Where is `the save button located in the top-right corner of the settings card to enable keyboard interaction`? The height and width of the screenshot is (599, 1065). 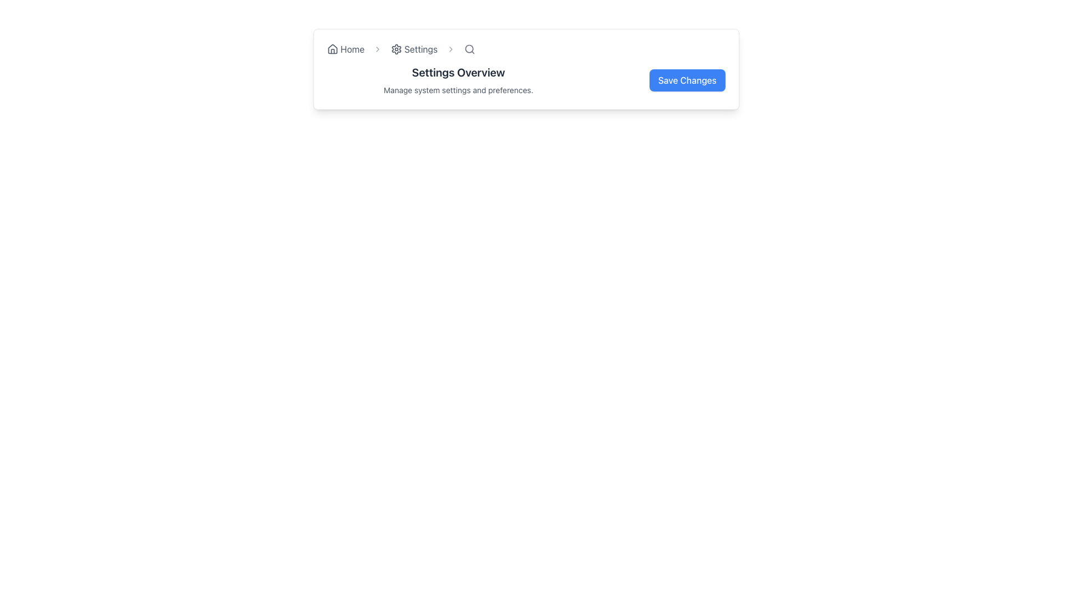 the save button located in the top-right corner of the settings card to enable keyboard interaction is located at coordinates (687, 80).